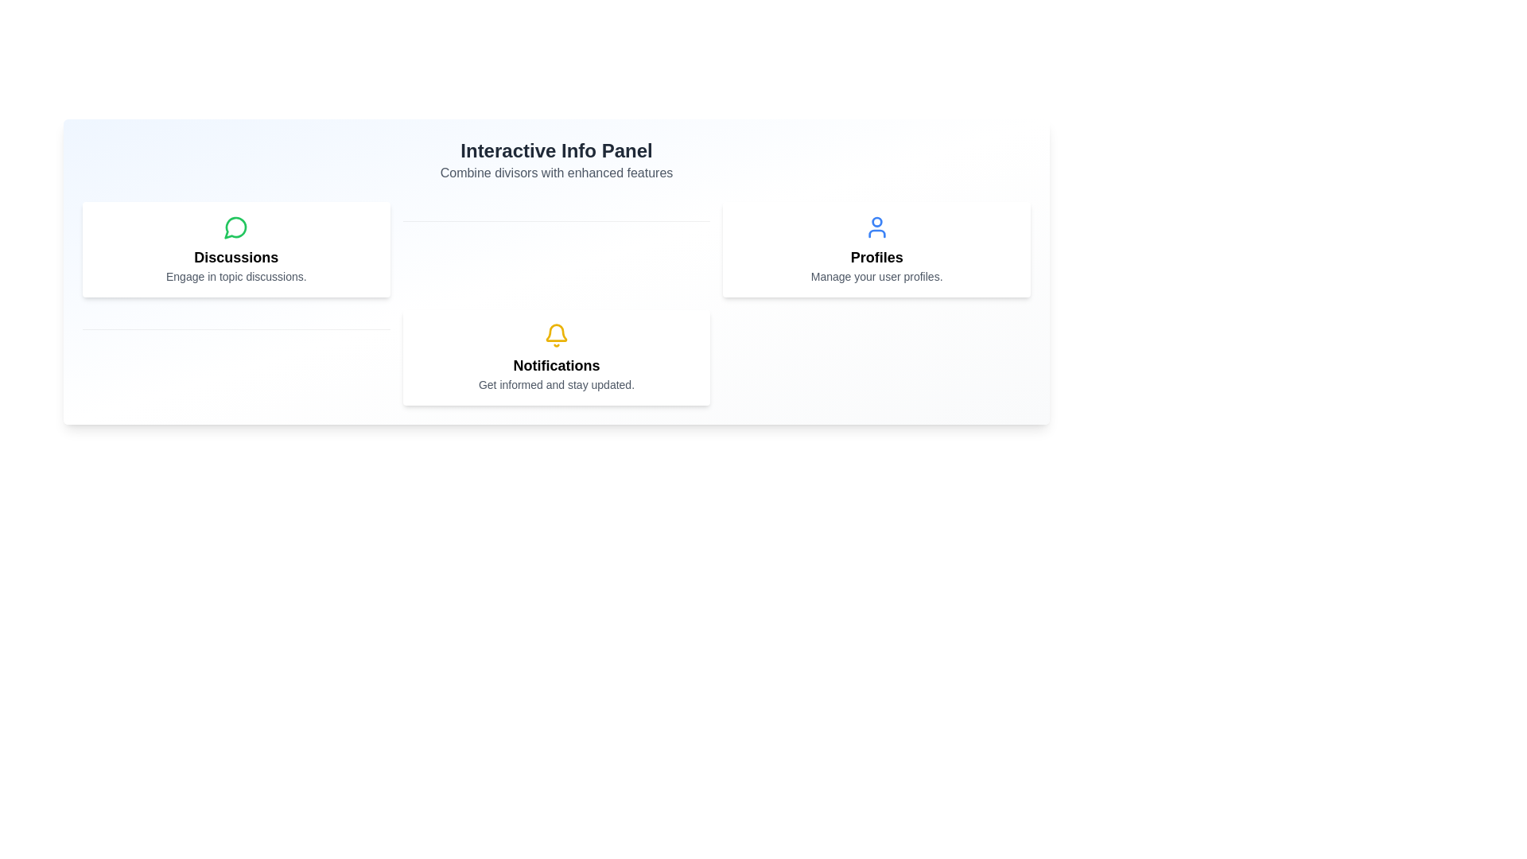 The width and height of the screenshot is (1527, 859). I want to click on the Informational card which features a green chat icon and the text 'Discussions' with the phrase 'Engage in topic discussions.', so click(235, 249).